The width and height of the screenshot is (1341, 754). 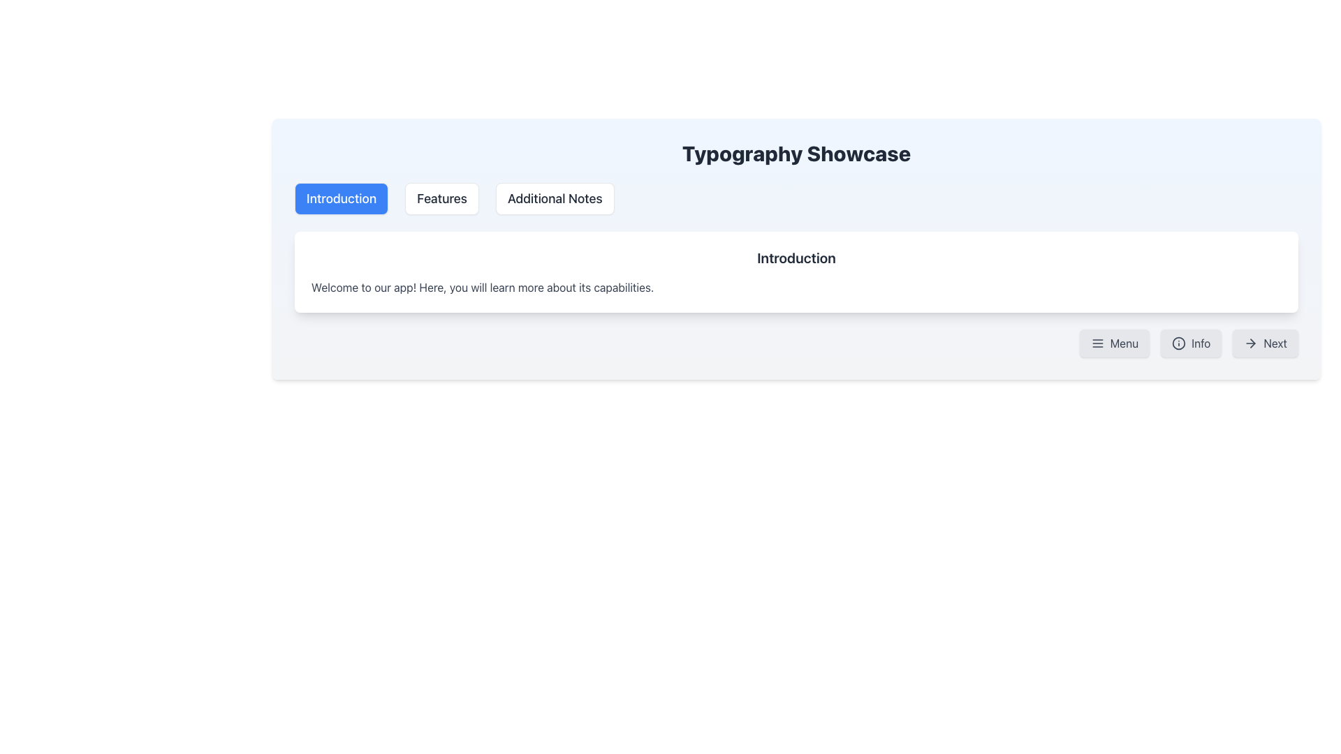 What do you see at coordinates (342, 199) in the screenshot?
I see `the 'Introduction' button, which is the first button in a horizontal row of three buttons` at bounding box center [342, 199].